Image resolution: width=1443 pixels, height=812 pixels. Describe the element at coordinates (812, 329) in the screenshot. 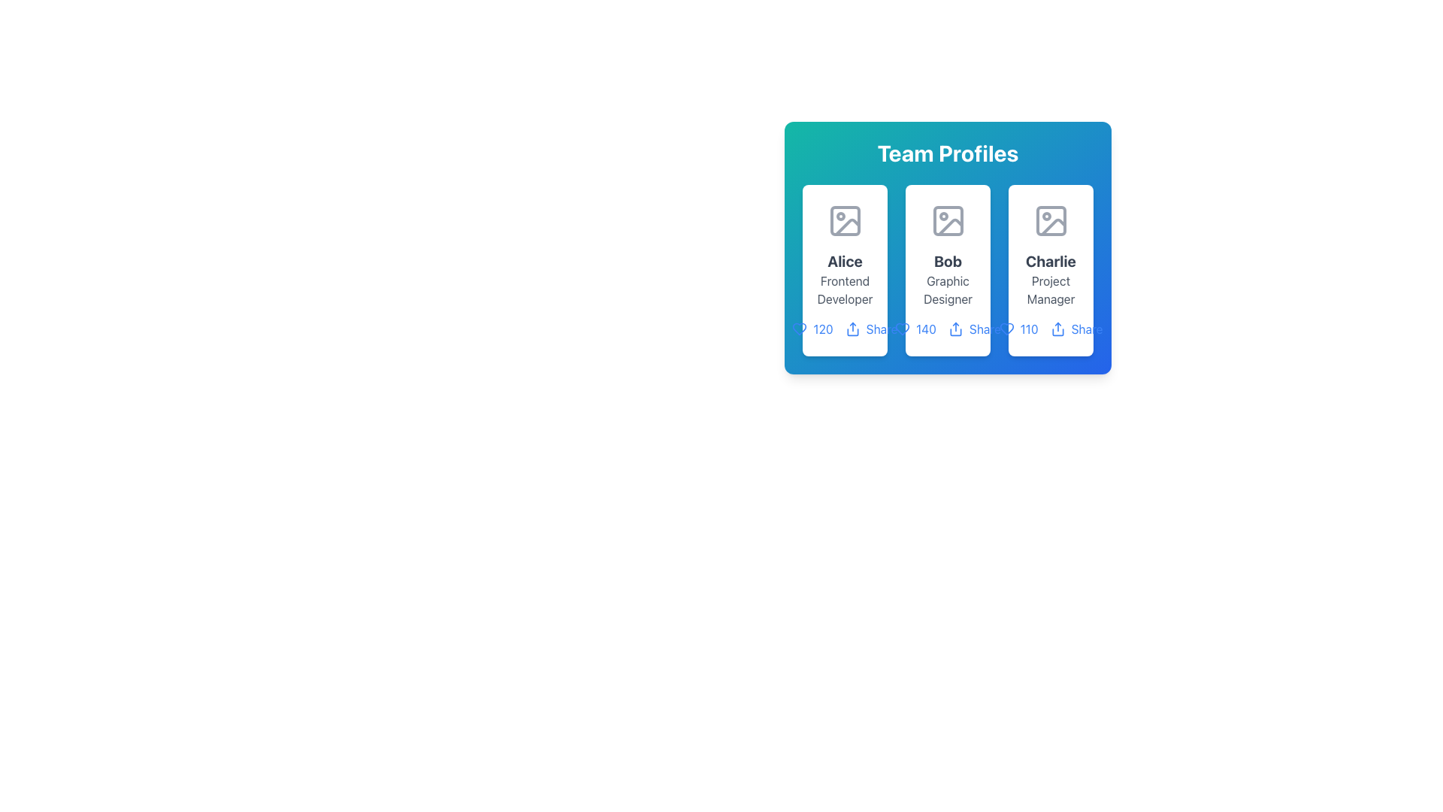

I see `the metric counter text with icon located at the bottom of the leftmost card, just before the 'Share' label` at that location.